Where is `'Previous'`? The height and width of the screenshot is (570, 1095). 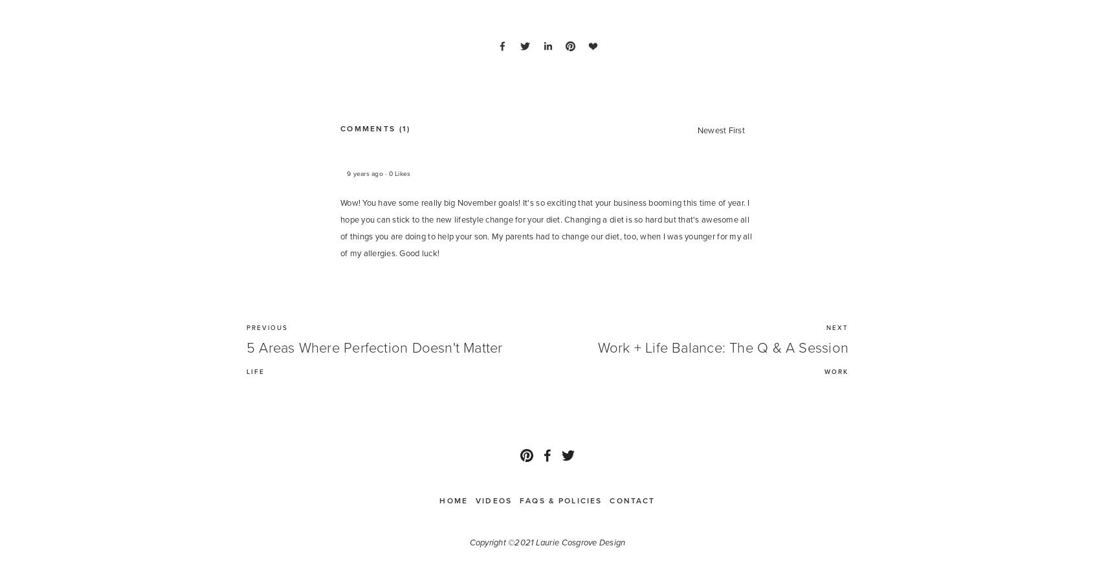 'Previous' is located at coordinates (267, 327).